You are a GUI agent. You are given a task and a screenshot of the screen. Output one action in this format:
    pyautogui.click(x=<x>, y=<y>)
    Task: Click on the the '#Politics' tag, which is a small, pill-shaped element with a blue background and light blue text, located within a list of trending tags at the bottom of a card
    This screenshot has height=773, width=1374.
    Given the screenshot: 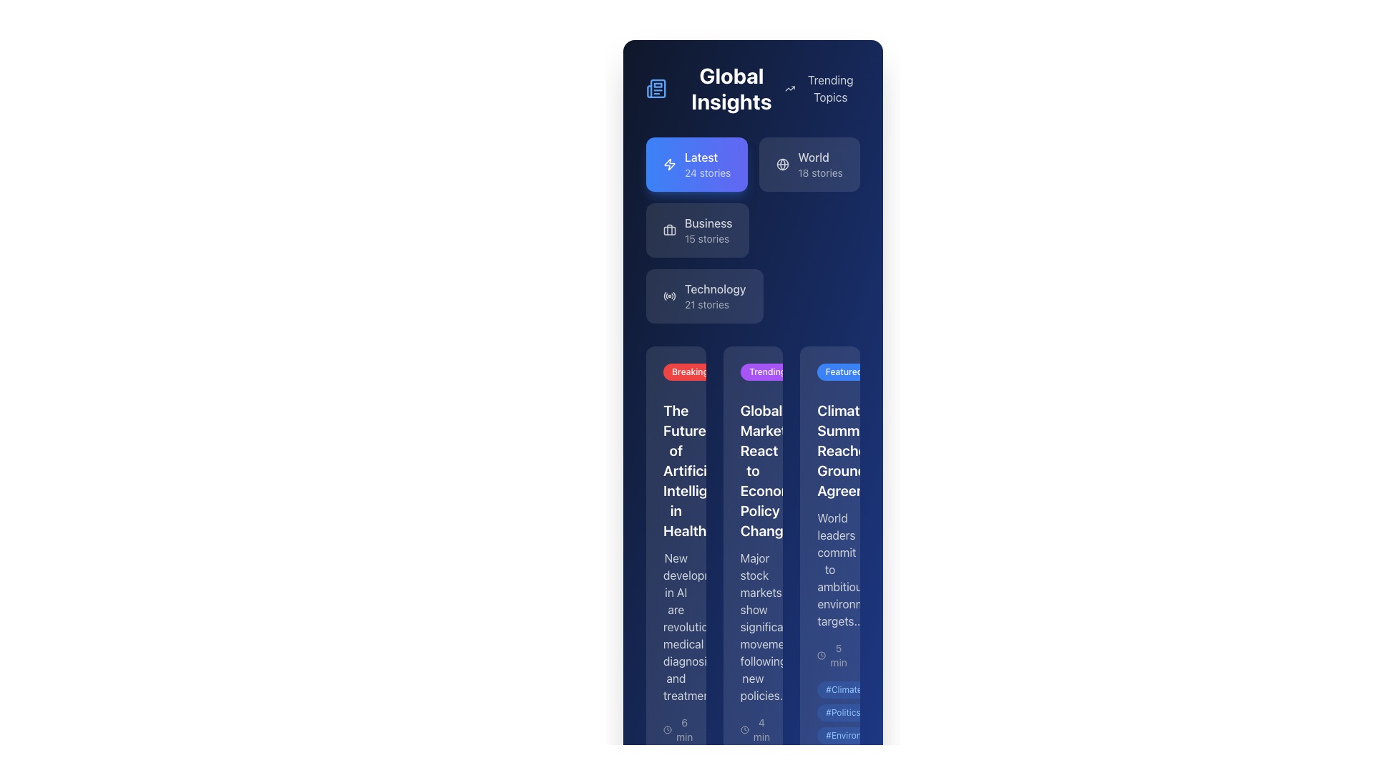 What is the action you would take?
    pyautogui.click(x=843, y=712)
    